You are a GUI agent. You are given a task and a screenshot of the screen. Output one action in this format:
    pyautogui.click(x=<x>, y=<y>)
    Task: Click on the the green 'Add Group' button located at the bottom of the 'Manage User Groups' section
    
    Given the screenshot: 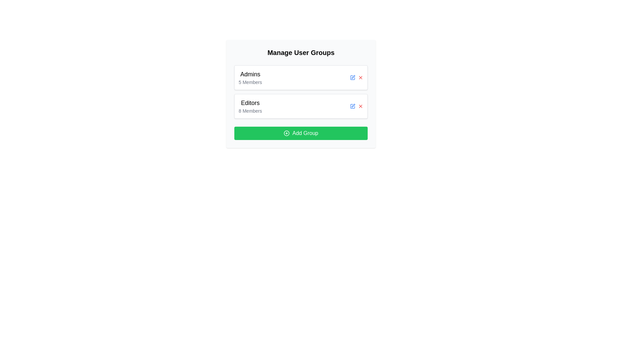 What is the action you would take?
    pyautogui.click(x=300, y=133)
    